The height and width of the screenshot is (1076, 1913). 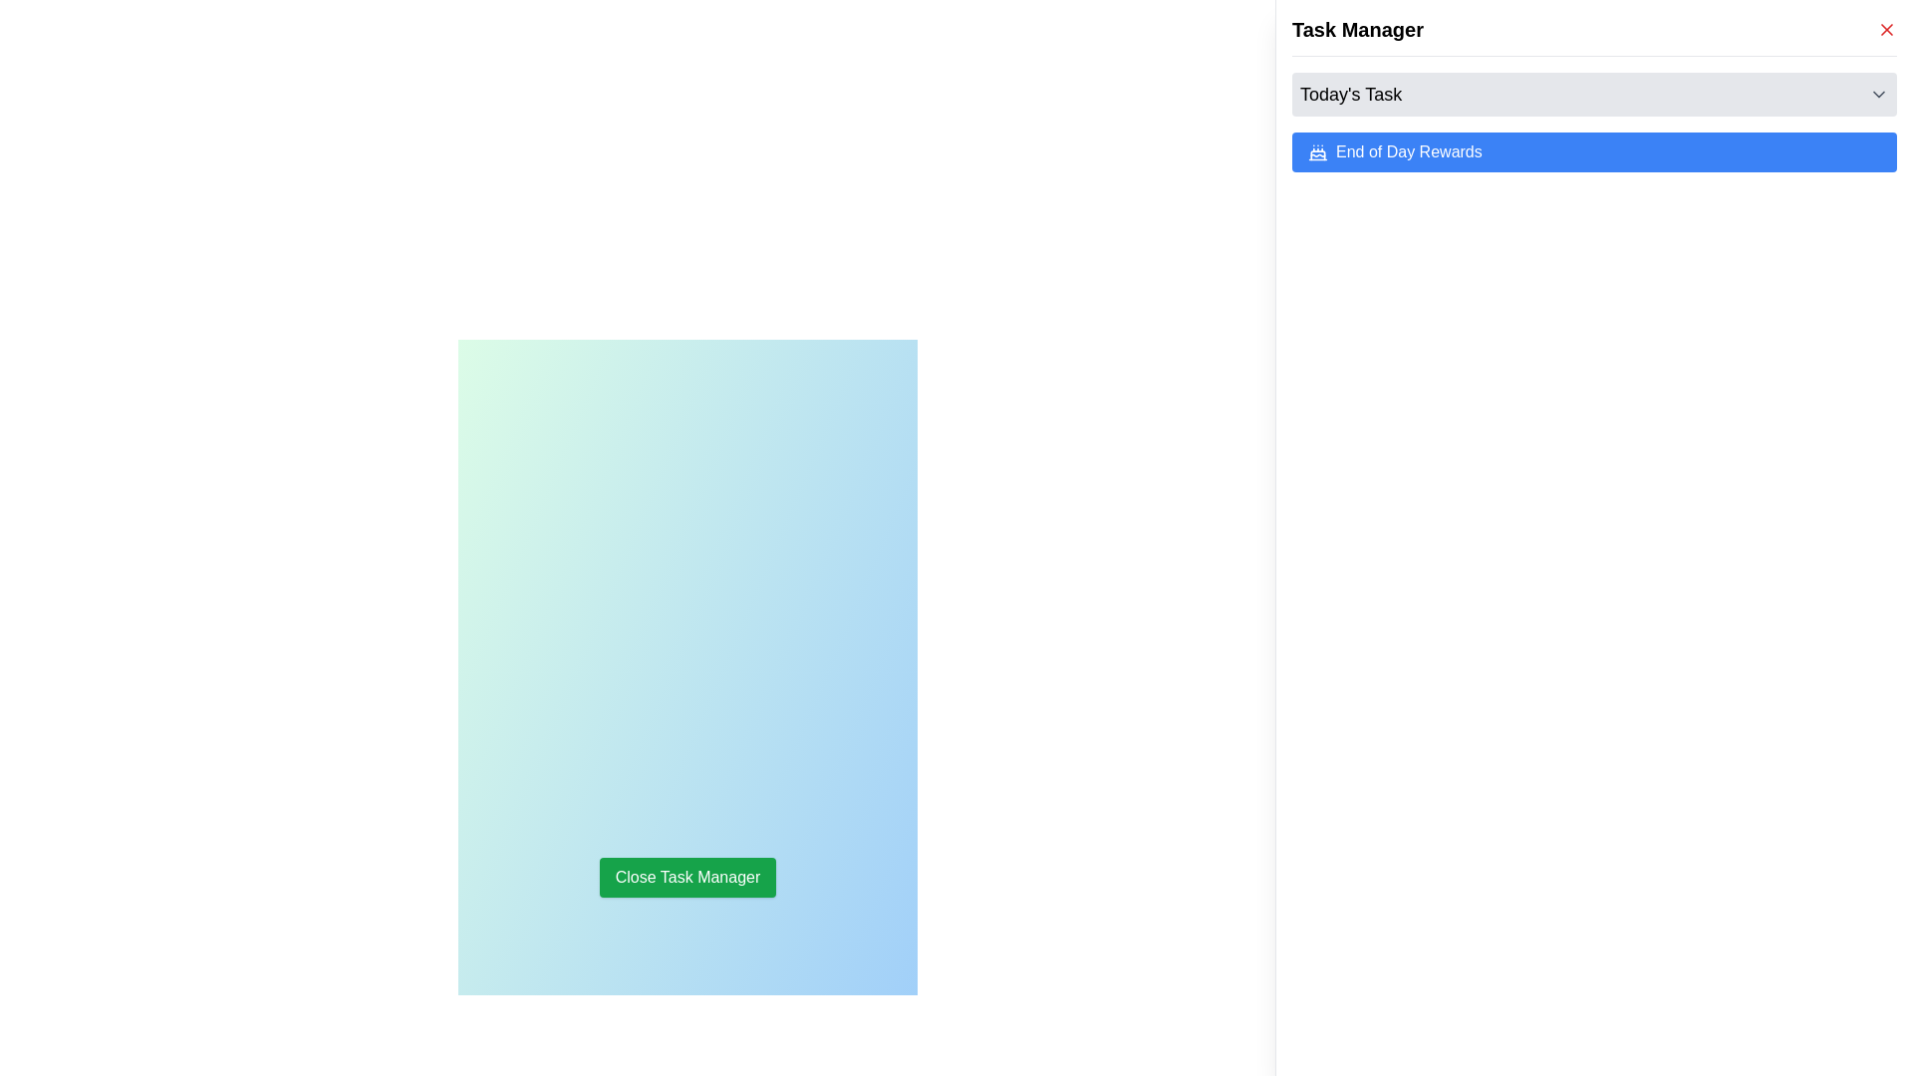 What do you see at coordinates (1318, 151) in the screenshot?
I see `the decorative icon representing the 'End of Day Rewards' feature located on the left side of the blue button labeled 'End of Day Rewards'` at bounding box center [1318, 151].